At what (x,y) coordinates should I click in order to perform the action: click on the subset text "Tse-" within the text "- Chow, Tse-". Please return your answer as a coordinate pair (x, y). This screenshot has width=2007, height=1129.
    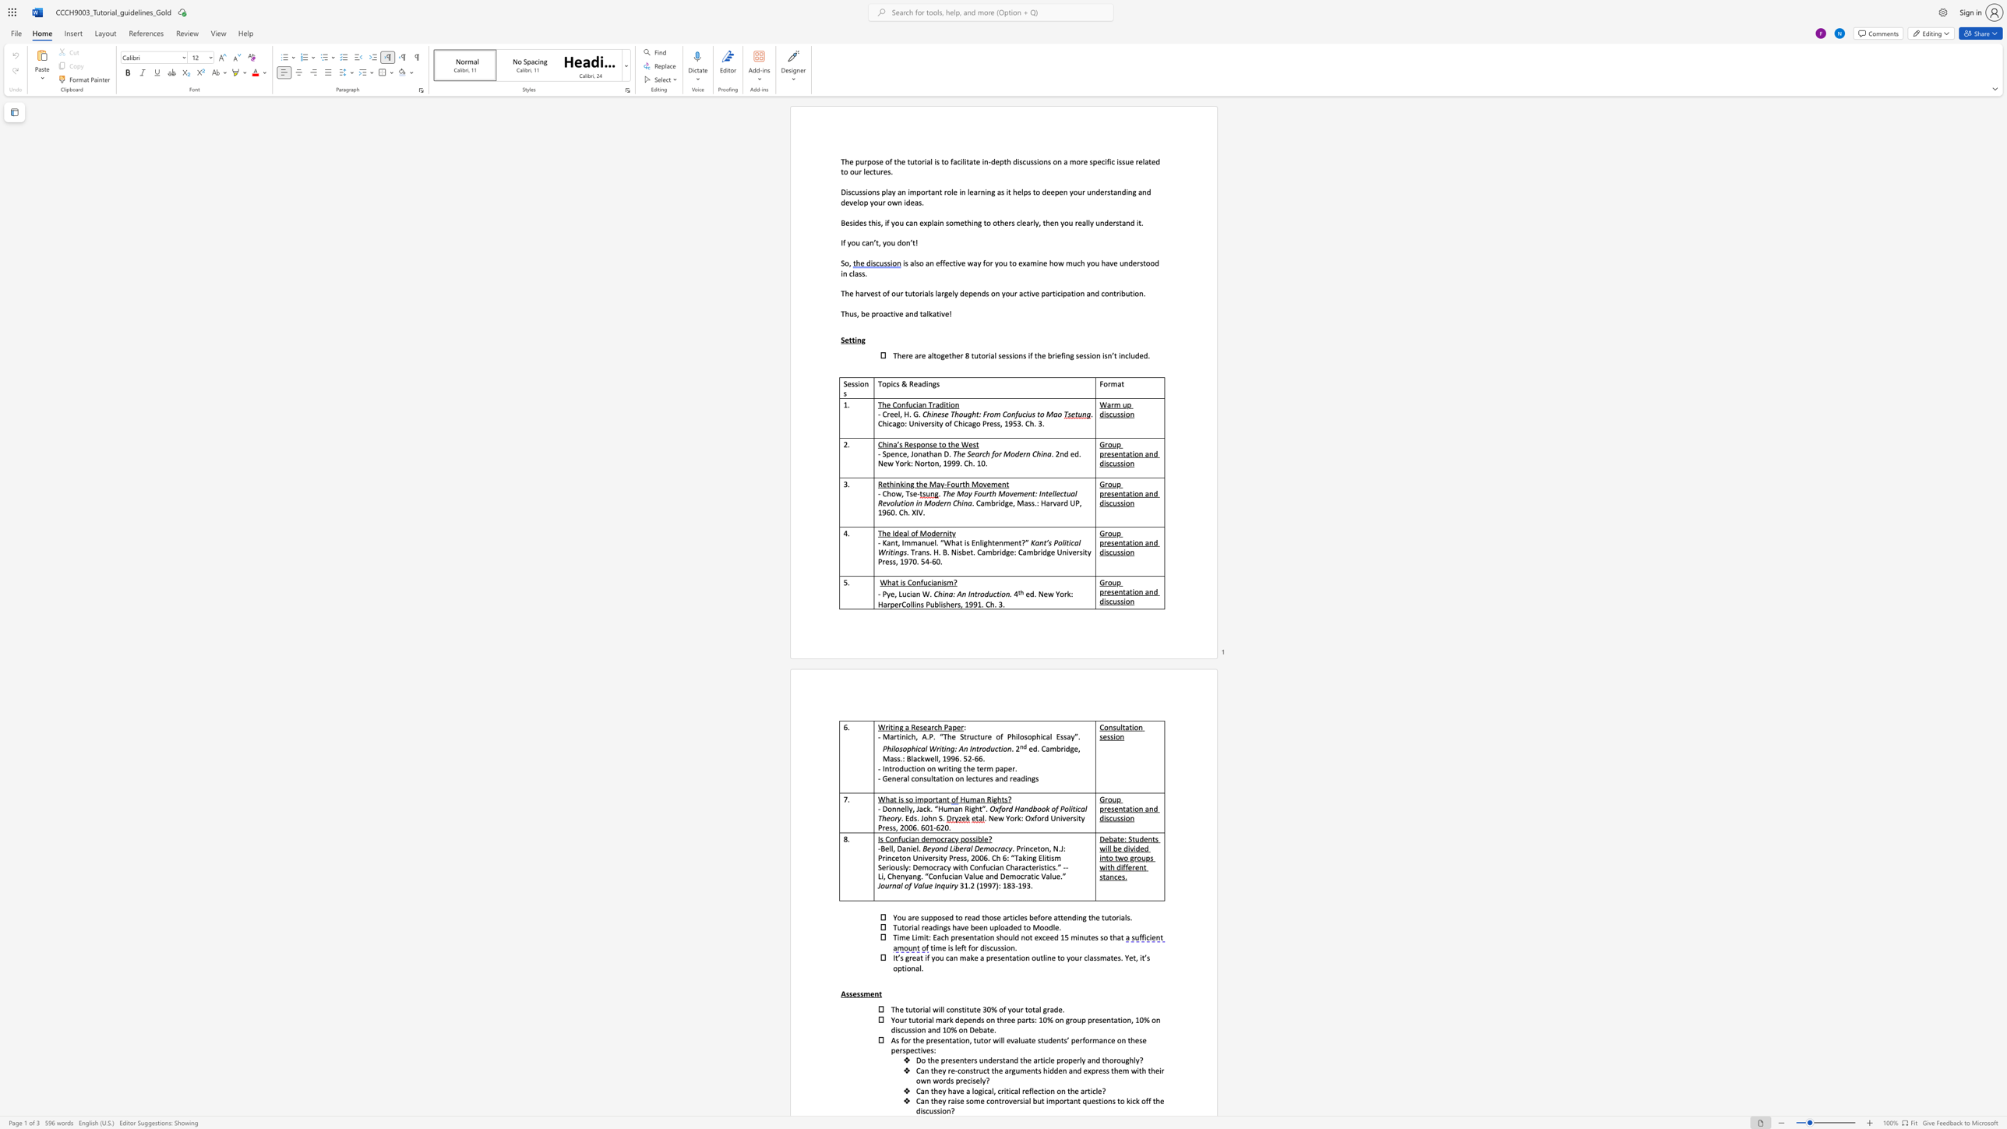
    Looking at the image, I should click on (905, 493).